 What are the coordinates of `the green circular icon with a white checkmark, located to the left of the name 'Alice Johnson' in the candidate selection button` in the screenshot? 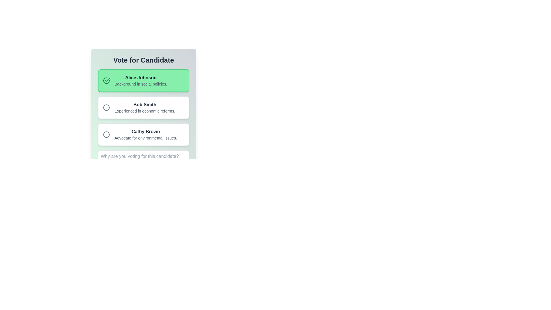 It's located at (106, 81).